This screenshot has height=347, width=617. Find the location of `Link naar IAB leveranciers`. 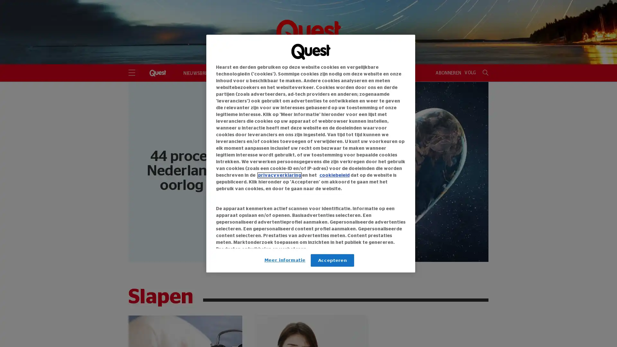

Link naar IAB leveranciers is located at coordinates (246, 256).